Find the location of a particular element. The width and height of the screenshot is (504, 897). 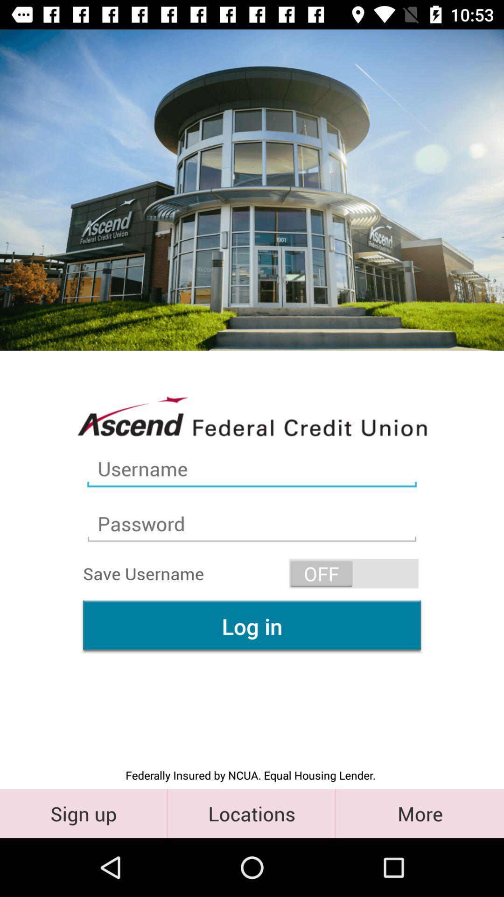

the log in icon is located at coordinates (252, 626).